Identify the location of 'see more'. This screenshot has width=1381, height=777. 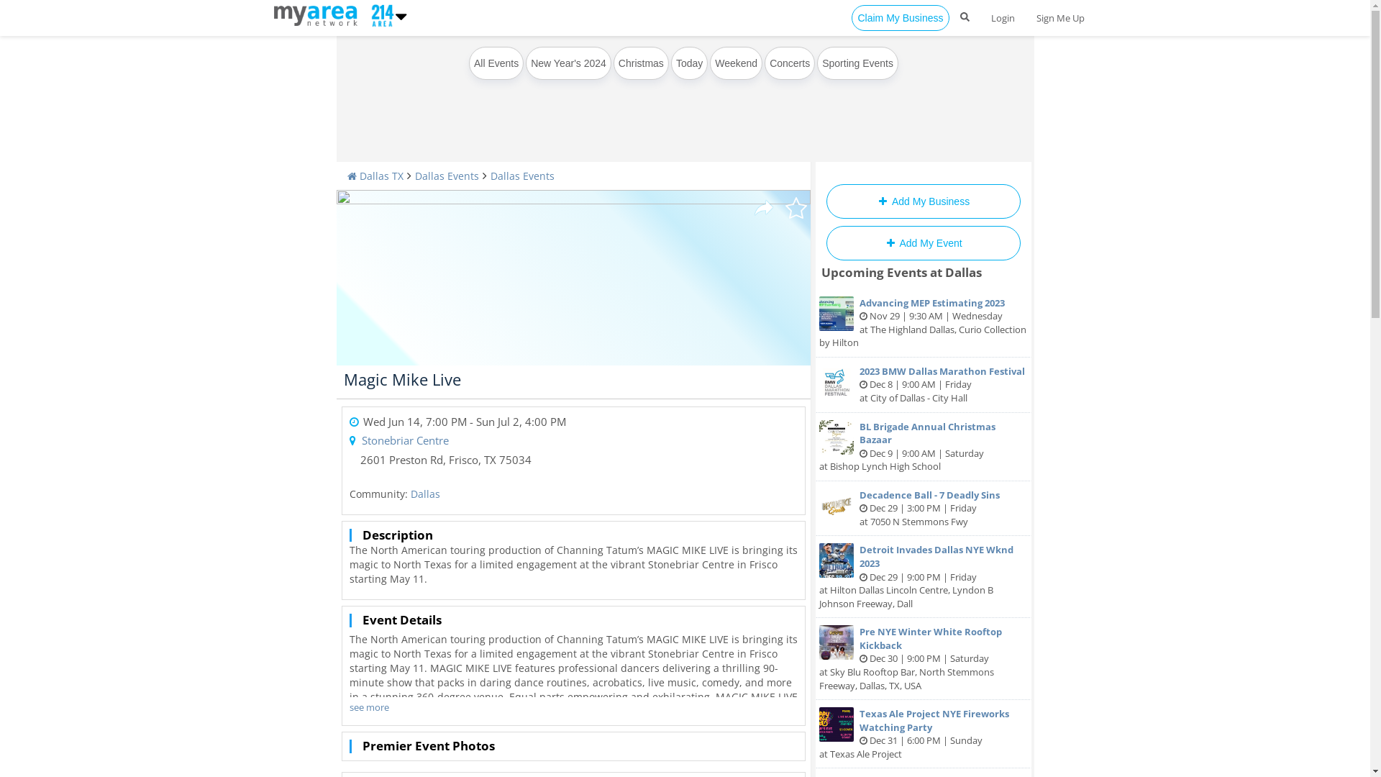
(369, 706).